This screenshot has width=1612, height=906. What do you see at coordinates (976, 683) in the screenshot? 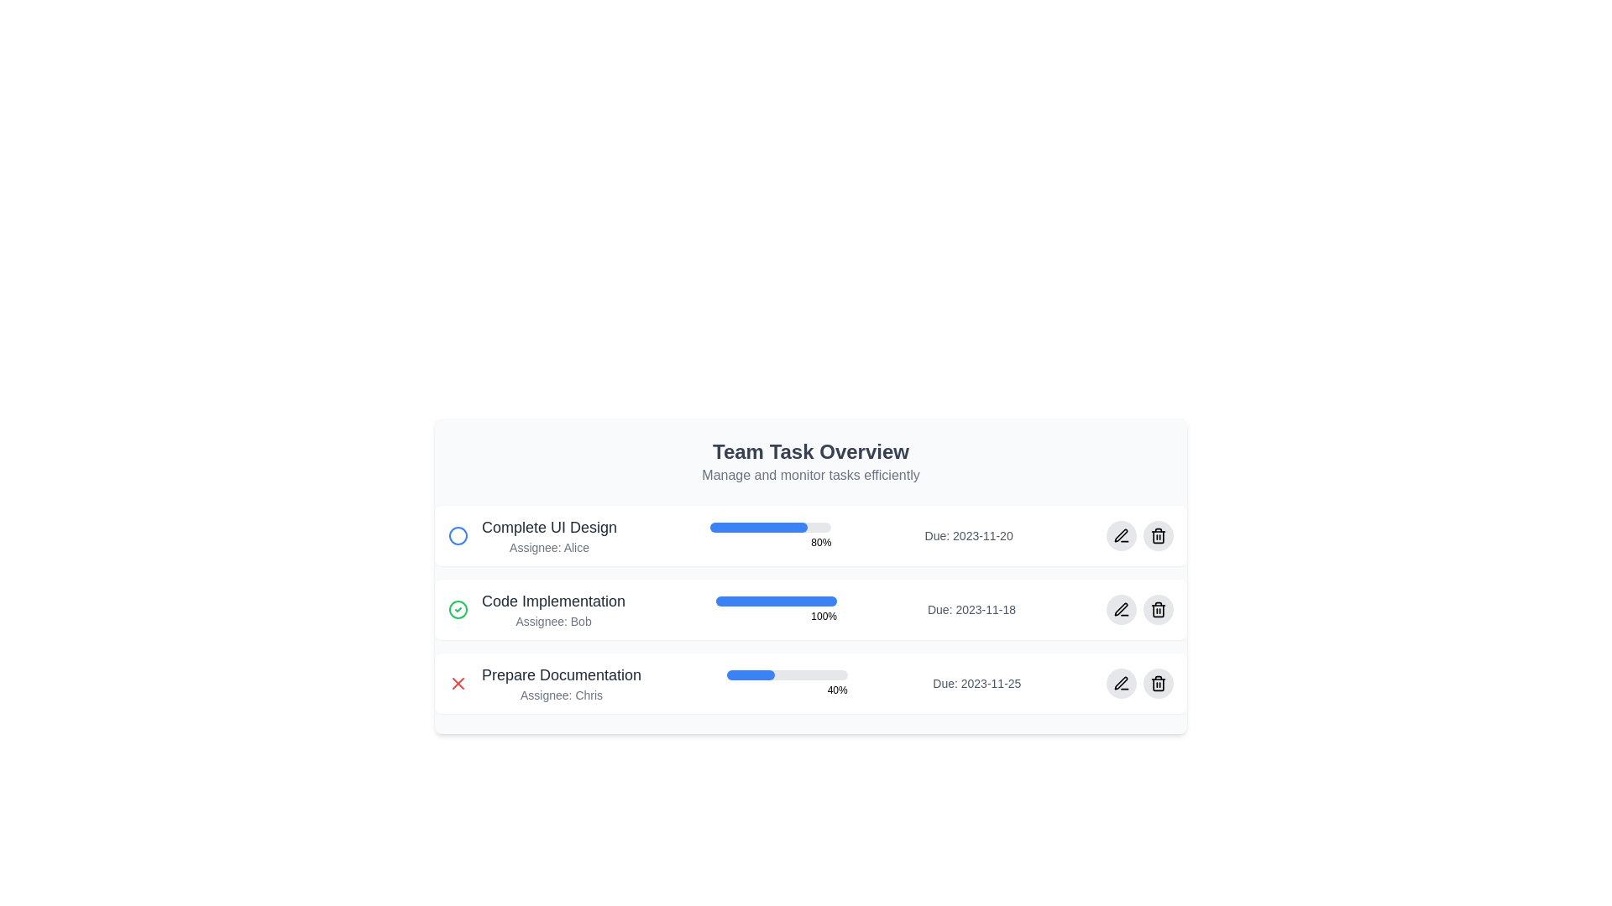
I see `the static text label displaying the date 'Due: 2023-11-25' located at the bottom right side of the task card labeled 'Prepare Documentation'` at bounding box center [976, 683].